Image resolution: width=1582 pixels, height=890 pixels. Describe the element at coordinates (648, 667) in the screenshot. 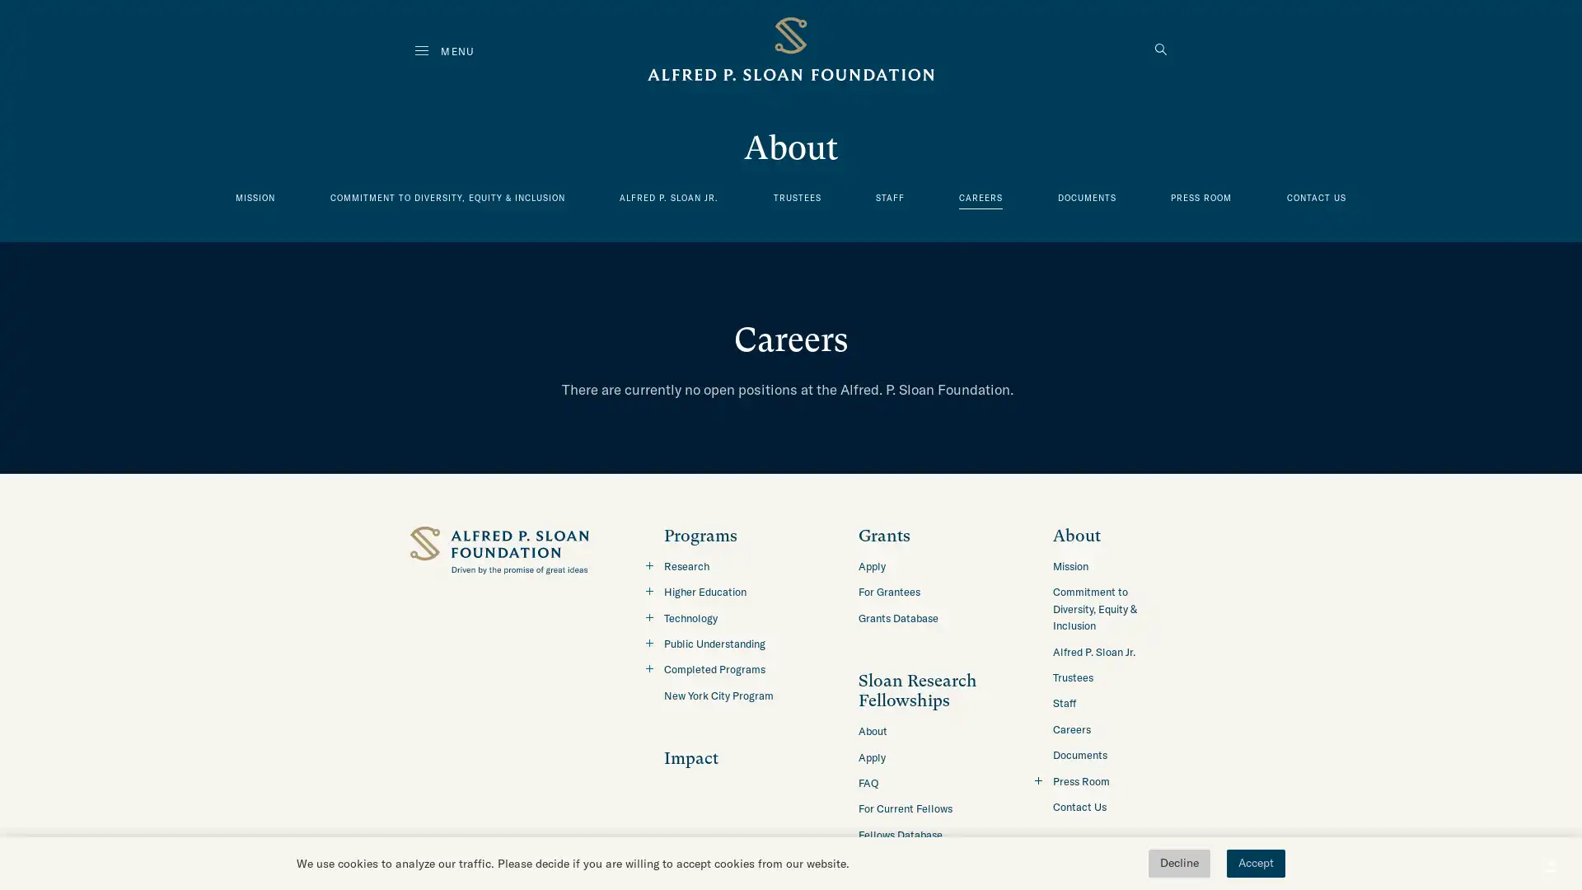

I see `Click to expand this navigation menu` at that location.